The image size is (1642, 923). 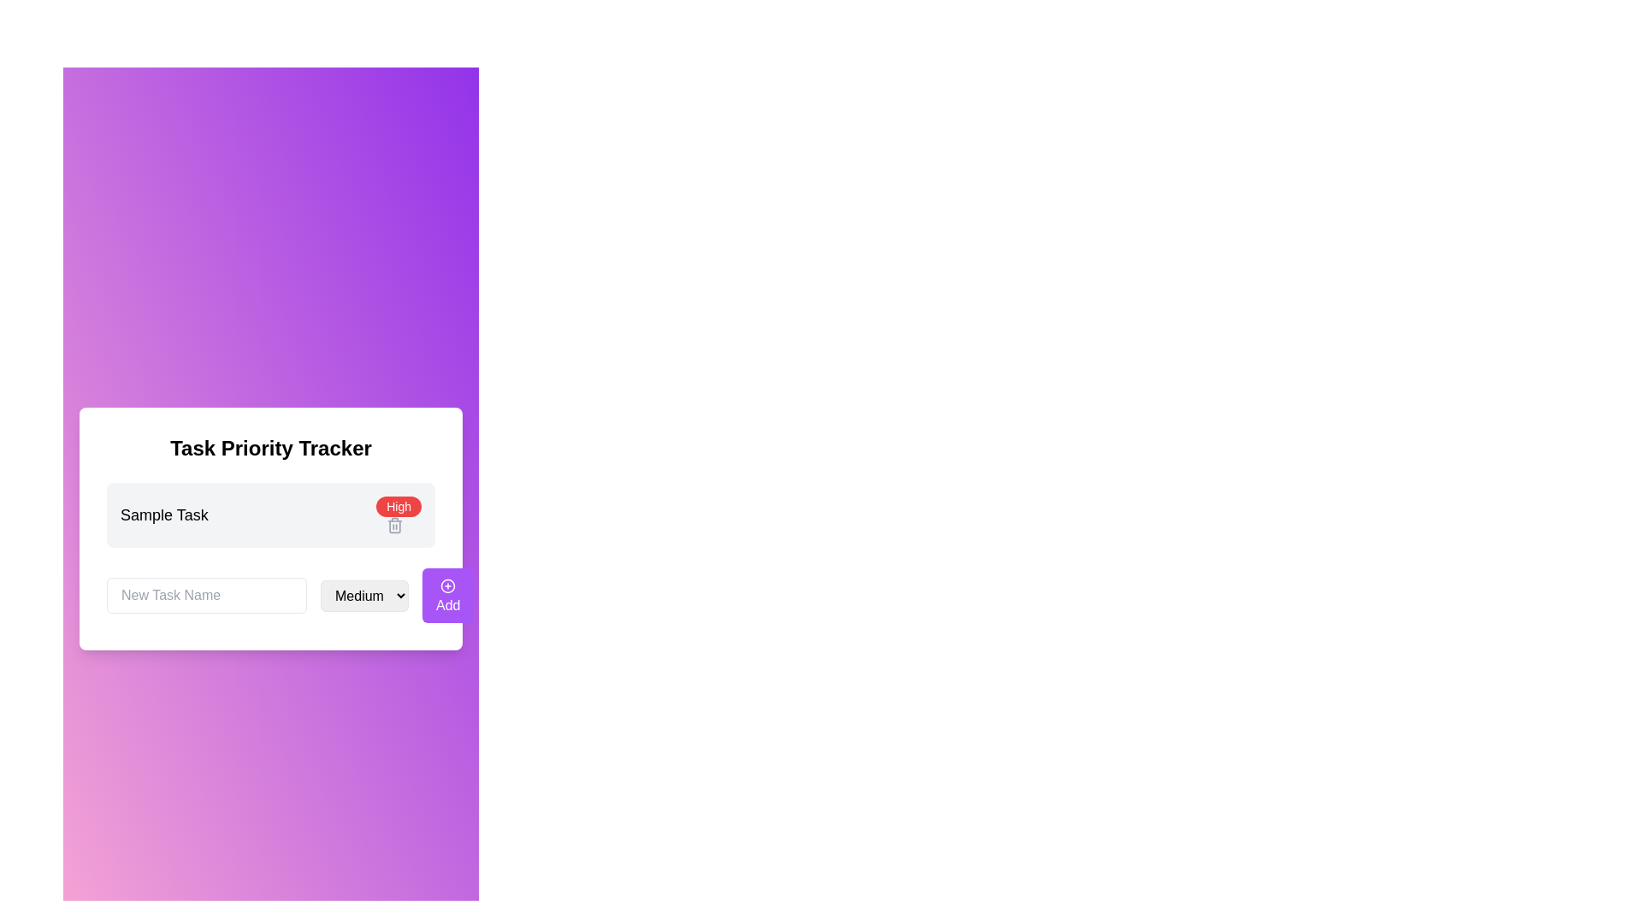 I want to click on the text input field for entering a new task, which is the first element in a horizontal group aligned to the left of a dropdown and an 'Add' button, so click(x=205, y=595).